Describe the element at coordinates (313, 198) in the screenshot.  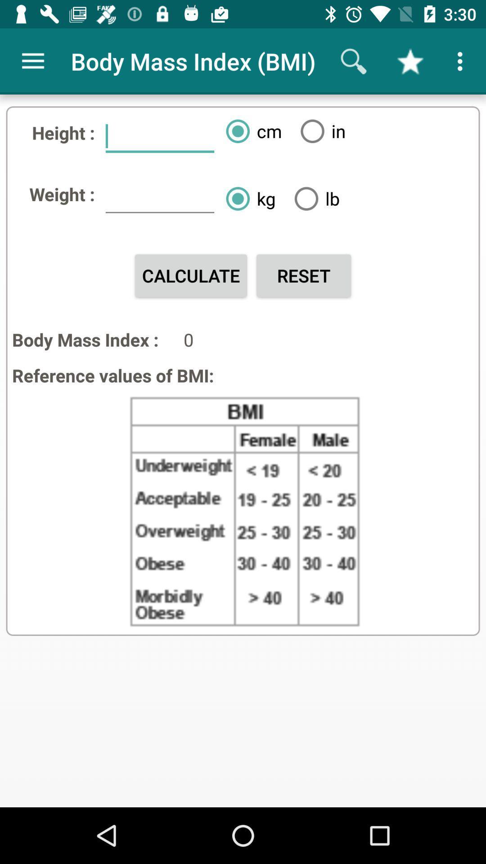
I see `the icon above reset icon` at that location.